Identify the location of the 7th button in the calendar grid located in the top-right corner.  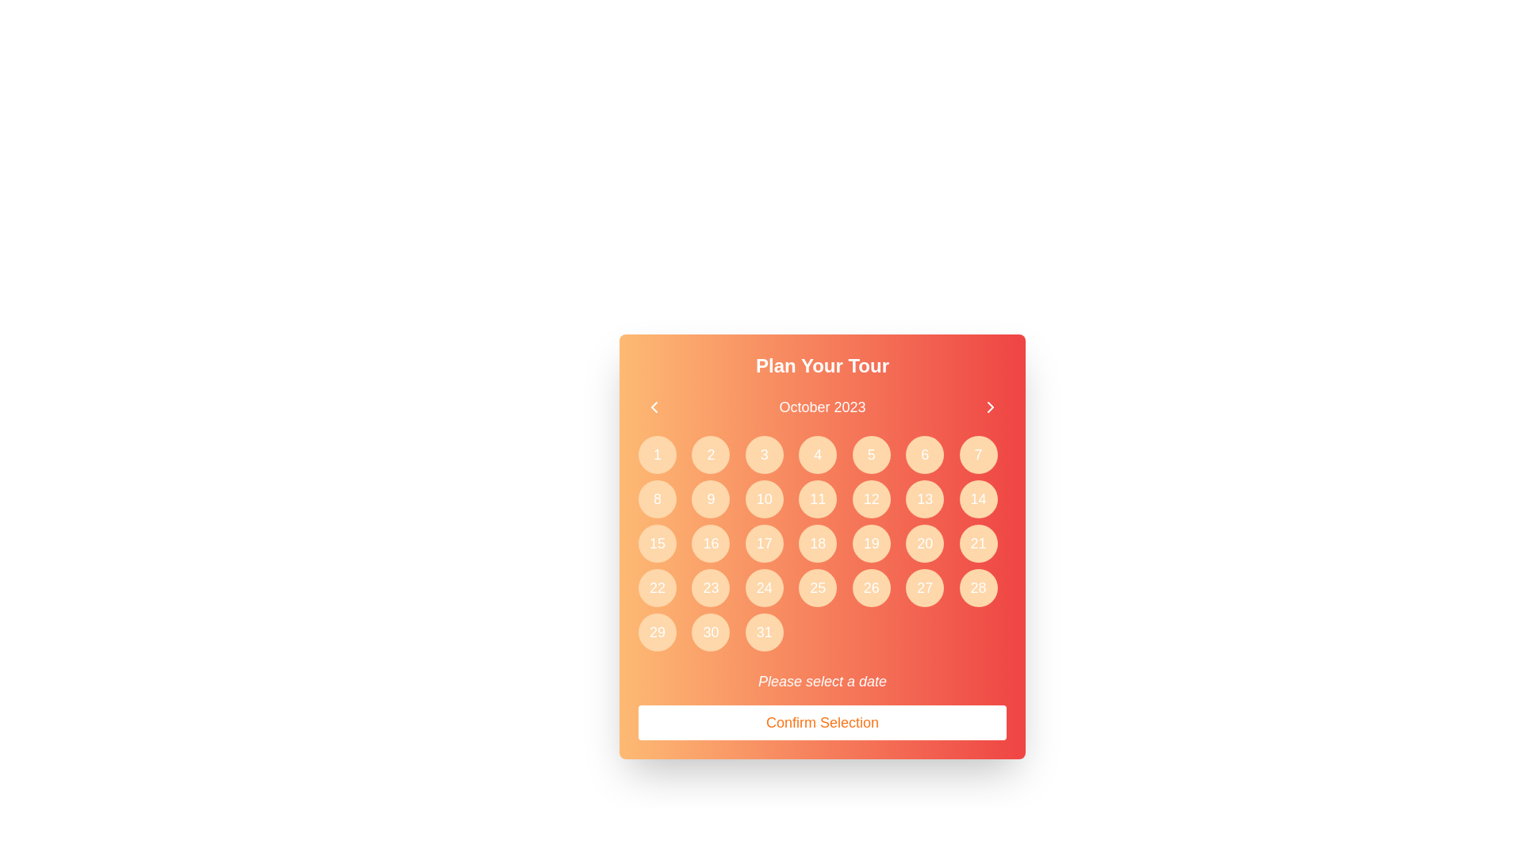
(977, 455).